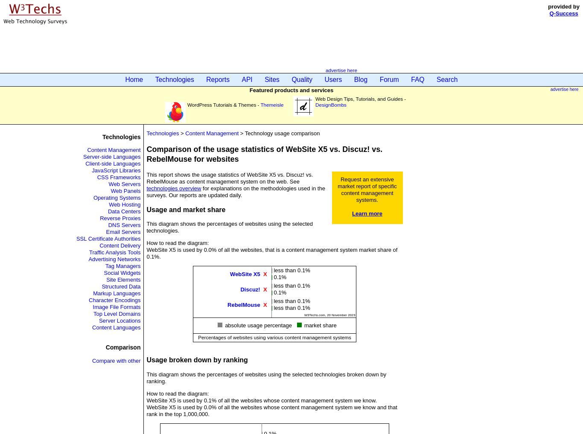 Image resolution: width=583 pixels, height=434 pixels. Describe the element at coordinates (333, 79) in the screenshot. I see `'Users'` at that location.